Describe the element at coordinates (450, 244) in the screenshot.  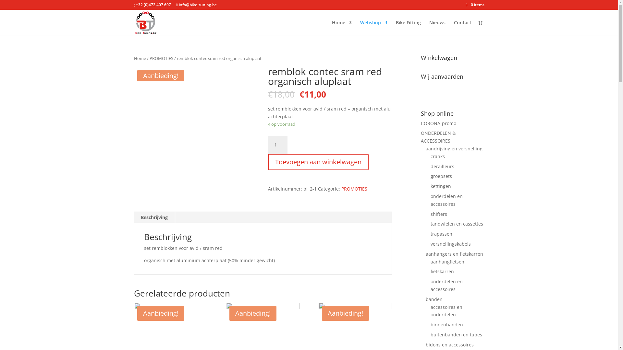
I see `'versnellingskabels'` at that location.